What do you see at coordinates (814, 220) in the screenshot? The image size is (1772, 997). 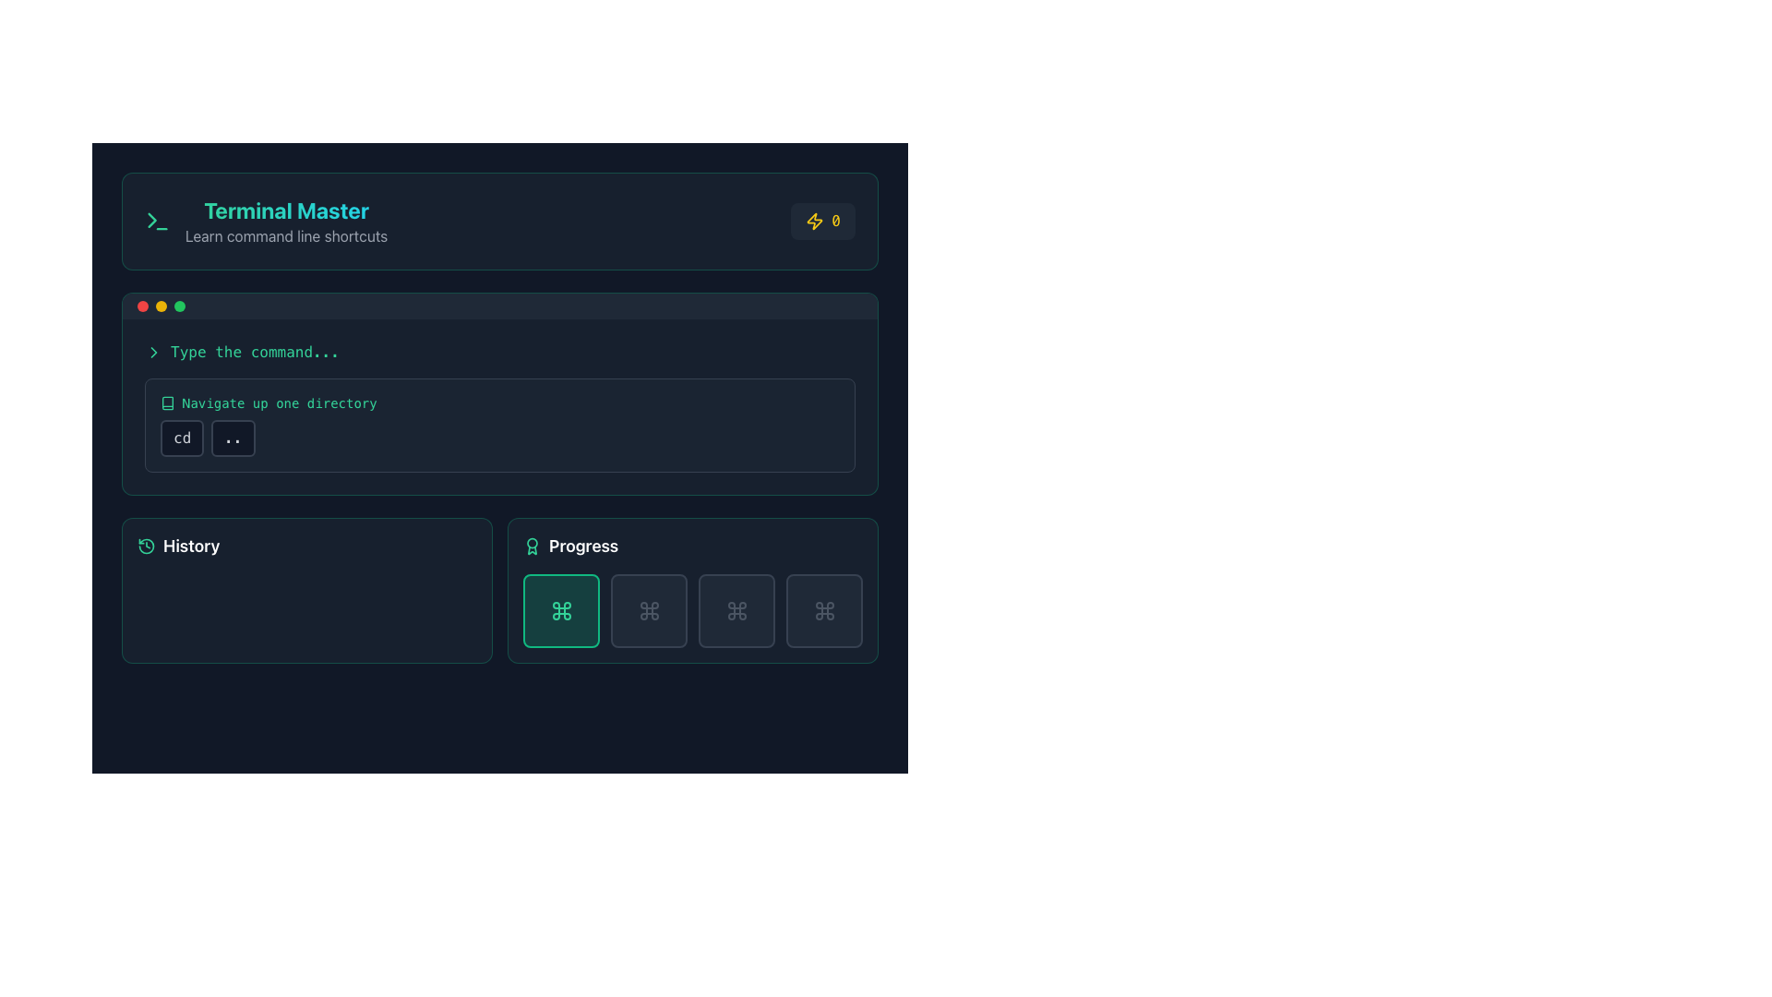 I see `the stylized yellow lightning bolt icon located in the top-right corner of the interface, which is positioned to the left of the numerical indicator '0'` at bounding box center [814, 220].